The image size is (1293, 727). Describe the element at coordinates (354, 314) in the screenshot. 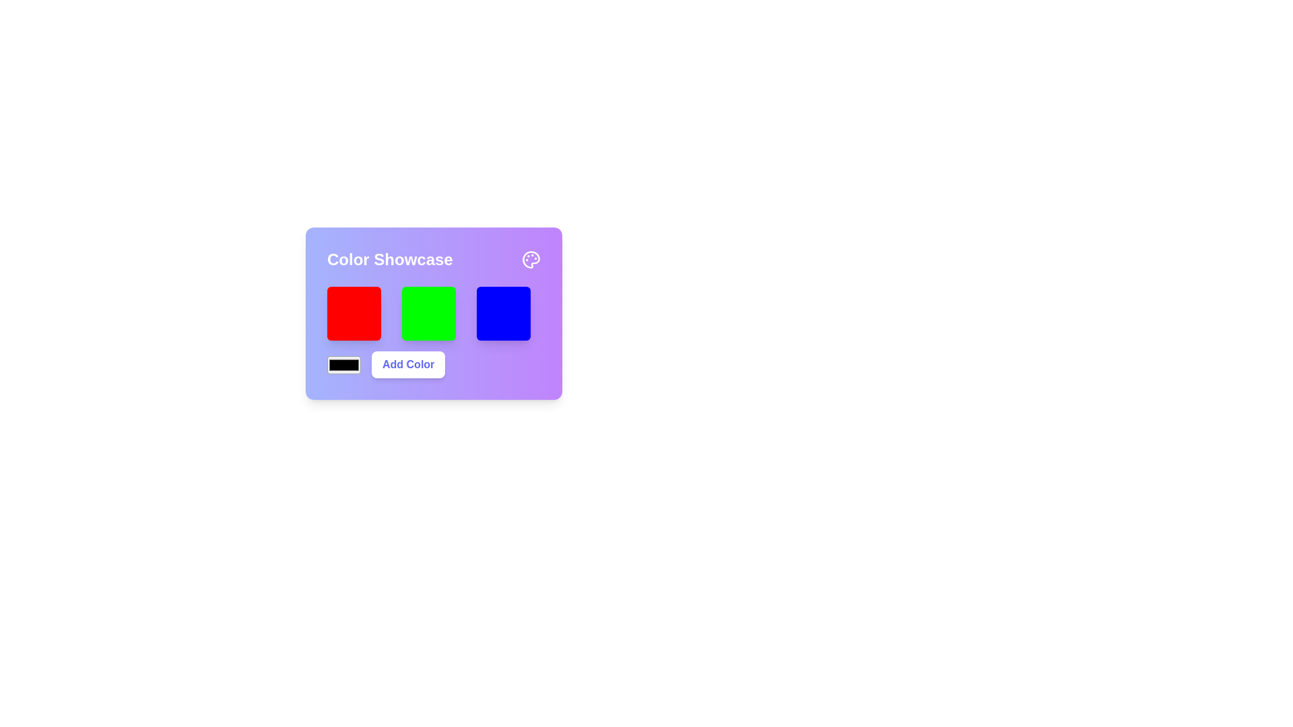

I see `the square visual element with a red background color and rounded corners located in the first column of the 'Color Showcase' grid` at that location.